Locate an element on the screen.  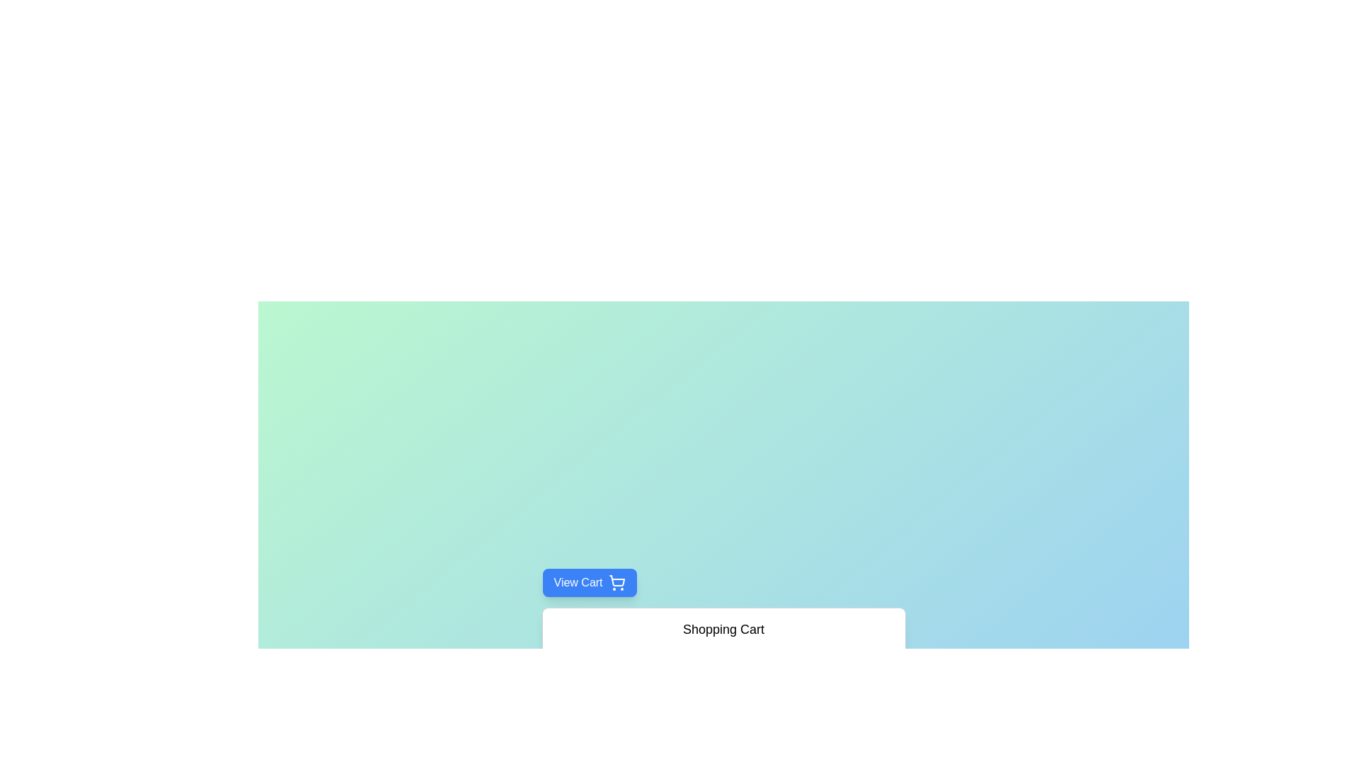
the shopping cart button, which is a blue and white icon located inside the 'View Cart' button is located at coordinates (617, 580).